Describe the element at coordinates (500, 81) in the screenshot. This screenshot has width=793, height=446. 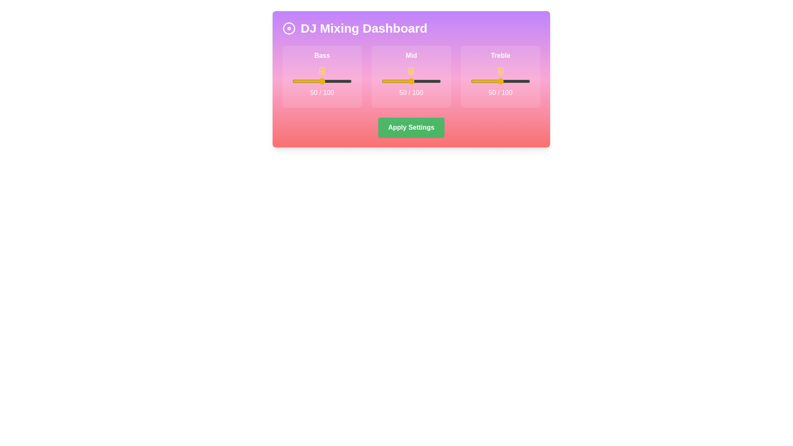
I see `the slider labeled treble to view its current value` at that location.